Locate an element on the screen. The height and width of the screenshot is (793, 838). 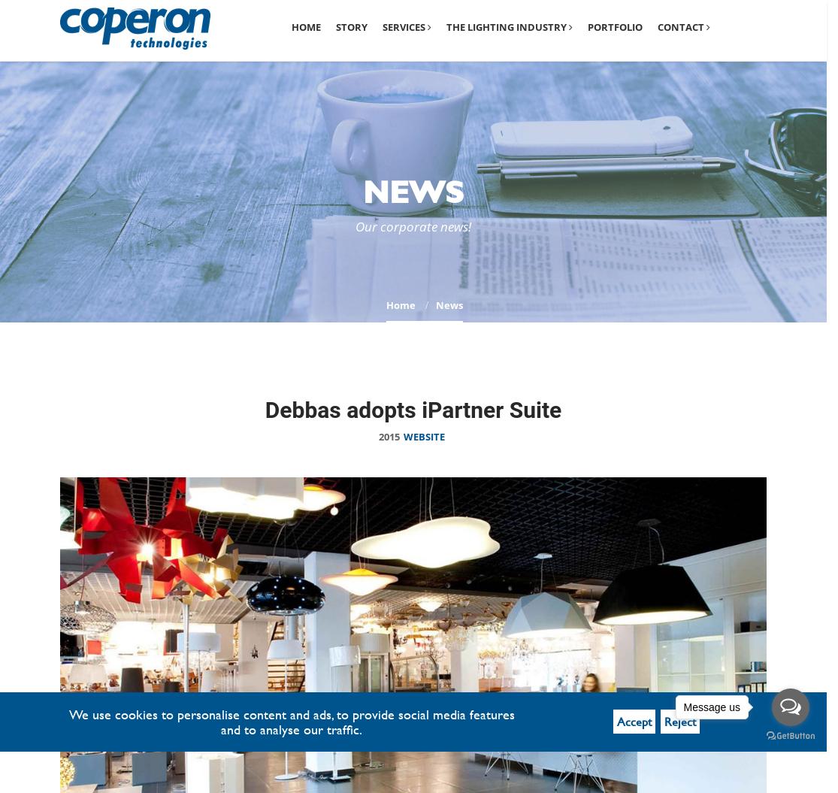
'Website' is located at coordinates (422, 435).